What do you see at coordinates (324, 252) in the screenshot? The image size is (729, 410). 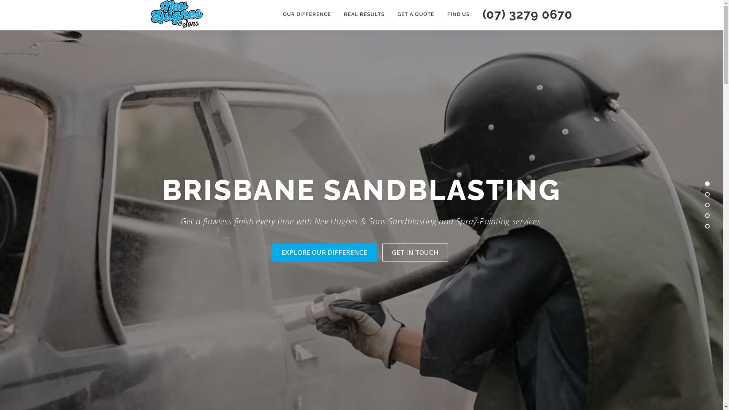 I see `'EXPLORE OUR DIFFERENCE'` at bounding box center [324, 252].